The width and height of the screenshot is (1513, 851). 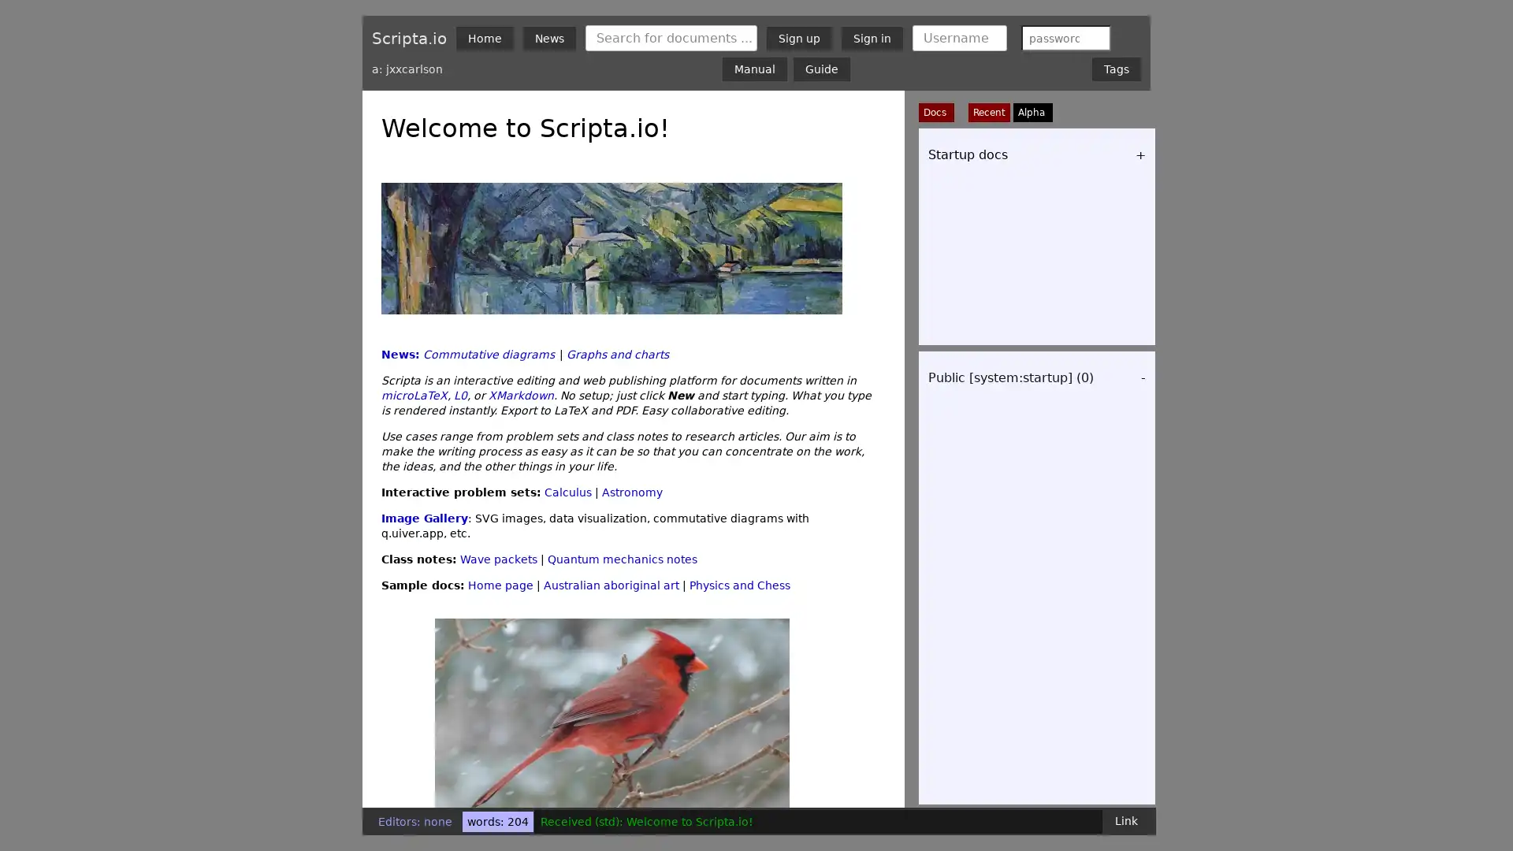 I want to click on Home page, so click(x=500, y=585).